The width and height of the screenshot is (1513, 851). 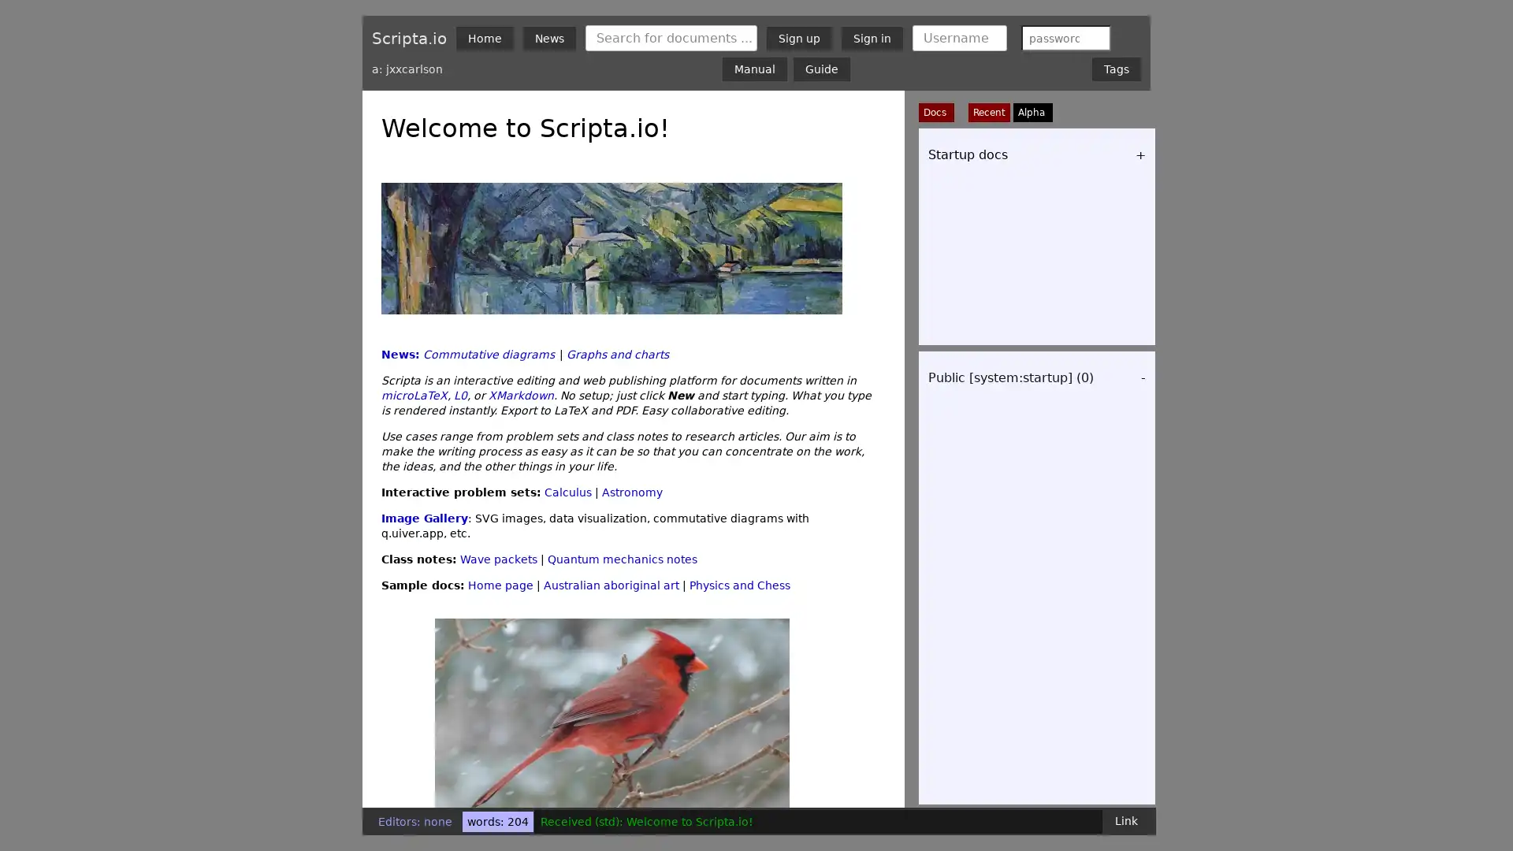 I want to click on Home page, so click(x=500, y=585).